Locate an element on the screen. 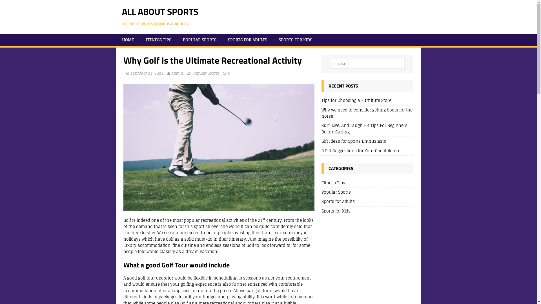  'SPORTS FOR KIDS' is located at coordinates (295, 40).